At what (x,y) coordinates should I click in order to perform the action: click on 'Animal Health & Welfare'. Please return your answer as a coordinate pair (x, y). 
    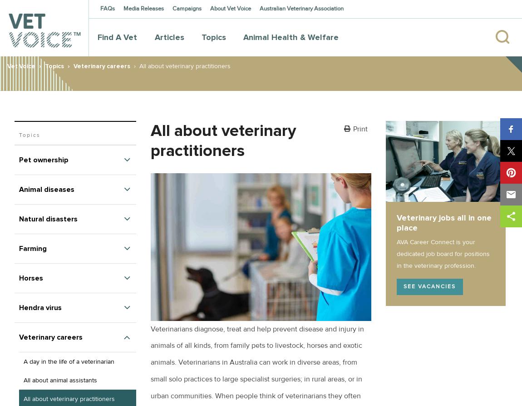
    Looking at the image, I should click on (291, 36).